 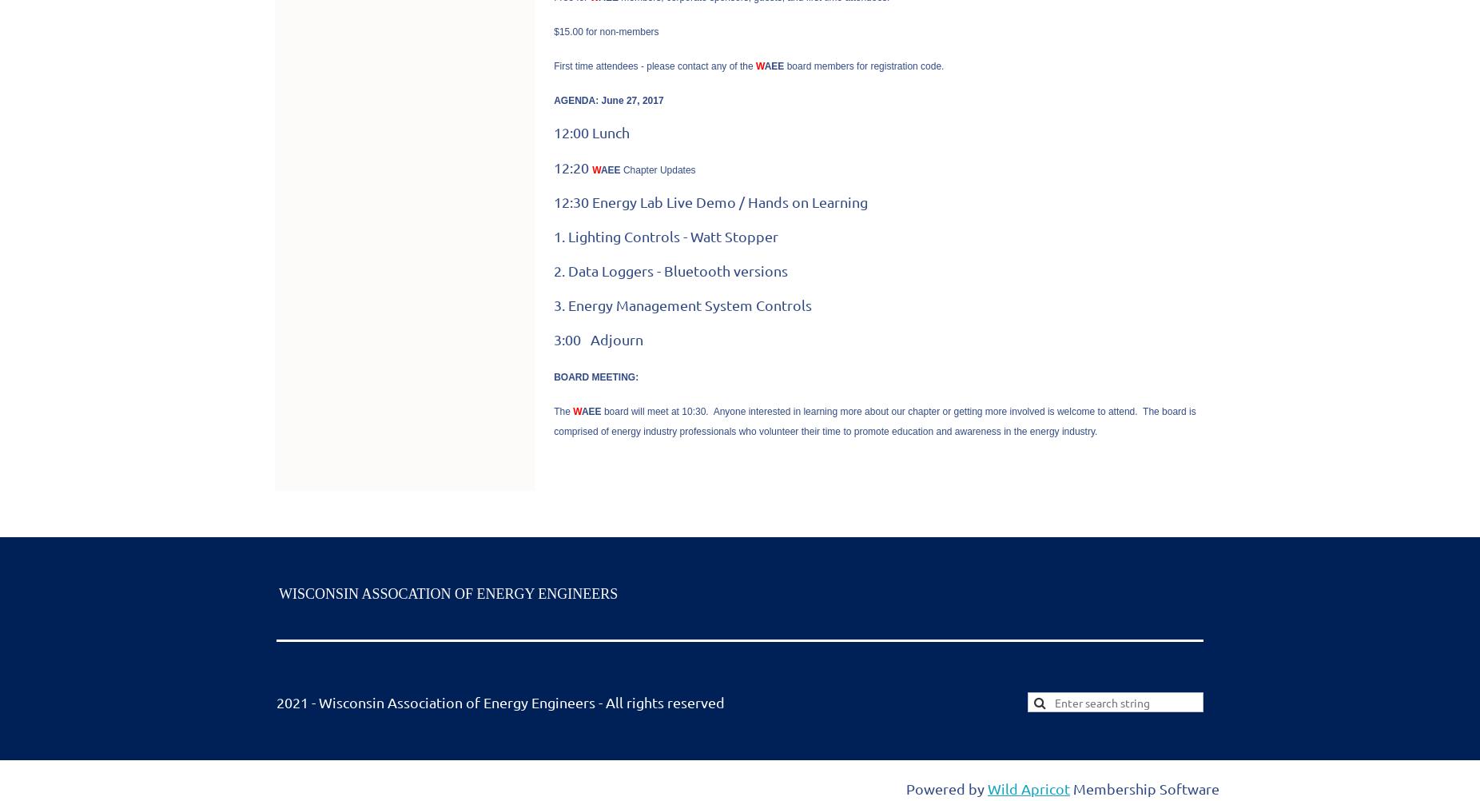 What do you see at coordinates (1028, 787) in the screenshot?
I see `'Wild Apricot'` at bounding box center [1028, 787].